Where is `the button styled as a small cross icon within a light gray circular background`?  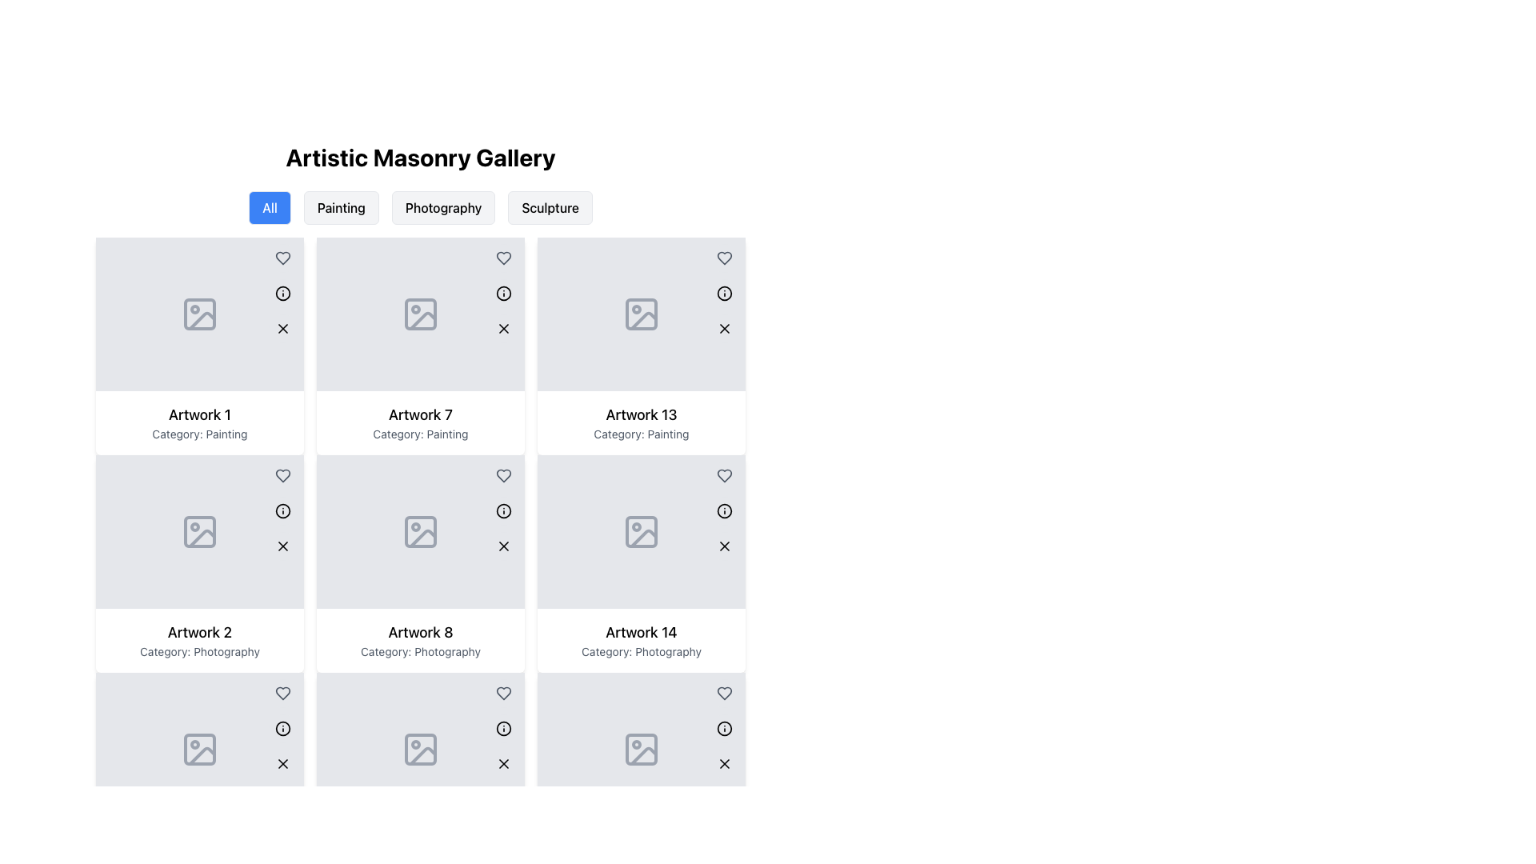
the button styled as a small cross icon within a light gray circular background is located at coordinates (502, 545).